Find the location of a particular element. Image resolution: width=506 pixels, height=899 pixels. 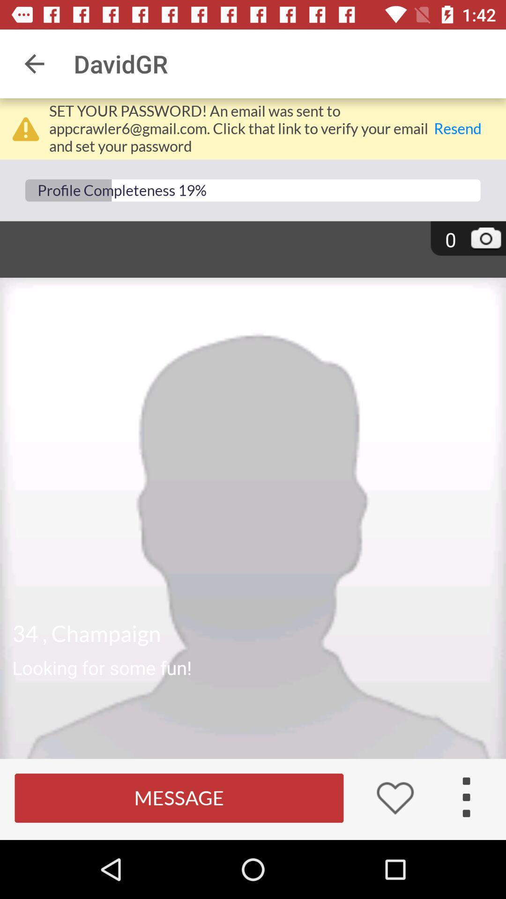

the warning icon is located at coordinates (25, 128).